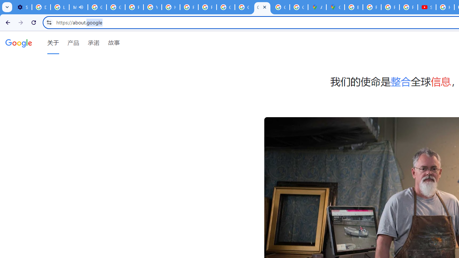  I want to click on 'Google Maps', so click(335, 7).